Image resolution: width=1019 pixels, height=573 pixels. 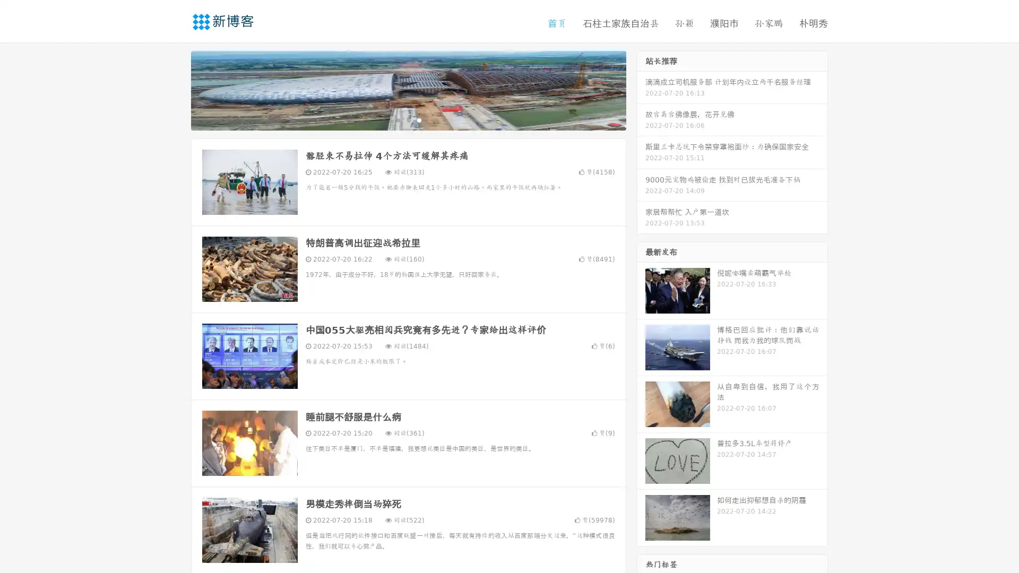 What do you see at coordinates (641, 89) in the screenshot?
I see `Next slide` at bounding box center [641, 89].